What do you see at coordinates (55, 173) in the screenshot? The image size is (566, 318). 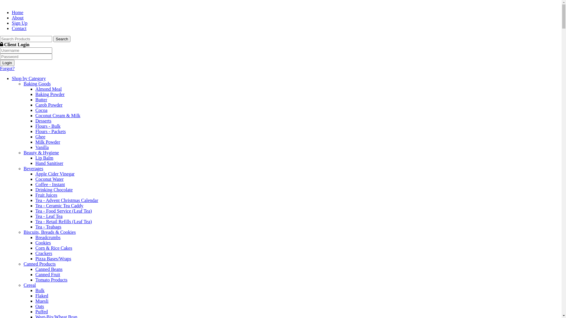 I see `'Apple Cider Vinegar'` at bounding box center [55, 173].